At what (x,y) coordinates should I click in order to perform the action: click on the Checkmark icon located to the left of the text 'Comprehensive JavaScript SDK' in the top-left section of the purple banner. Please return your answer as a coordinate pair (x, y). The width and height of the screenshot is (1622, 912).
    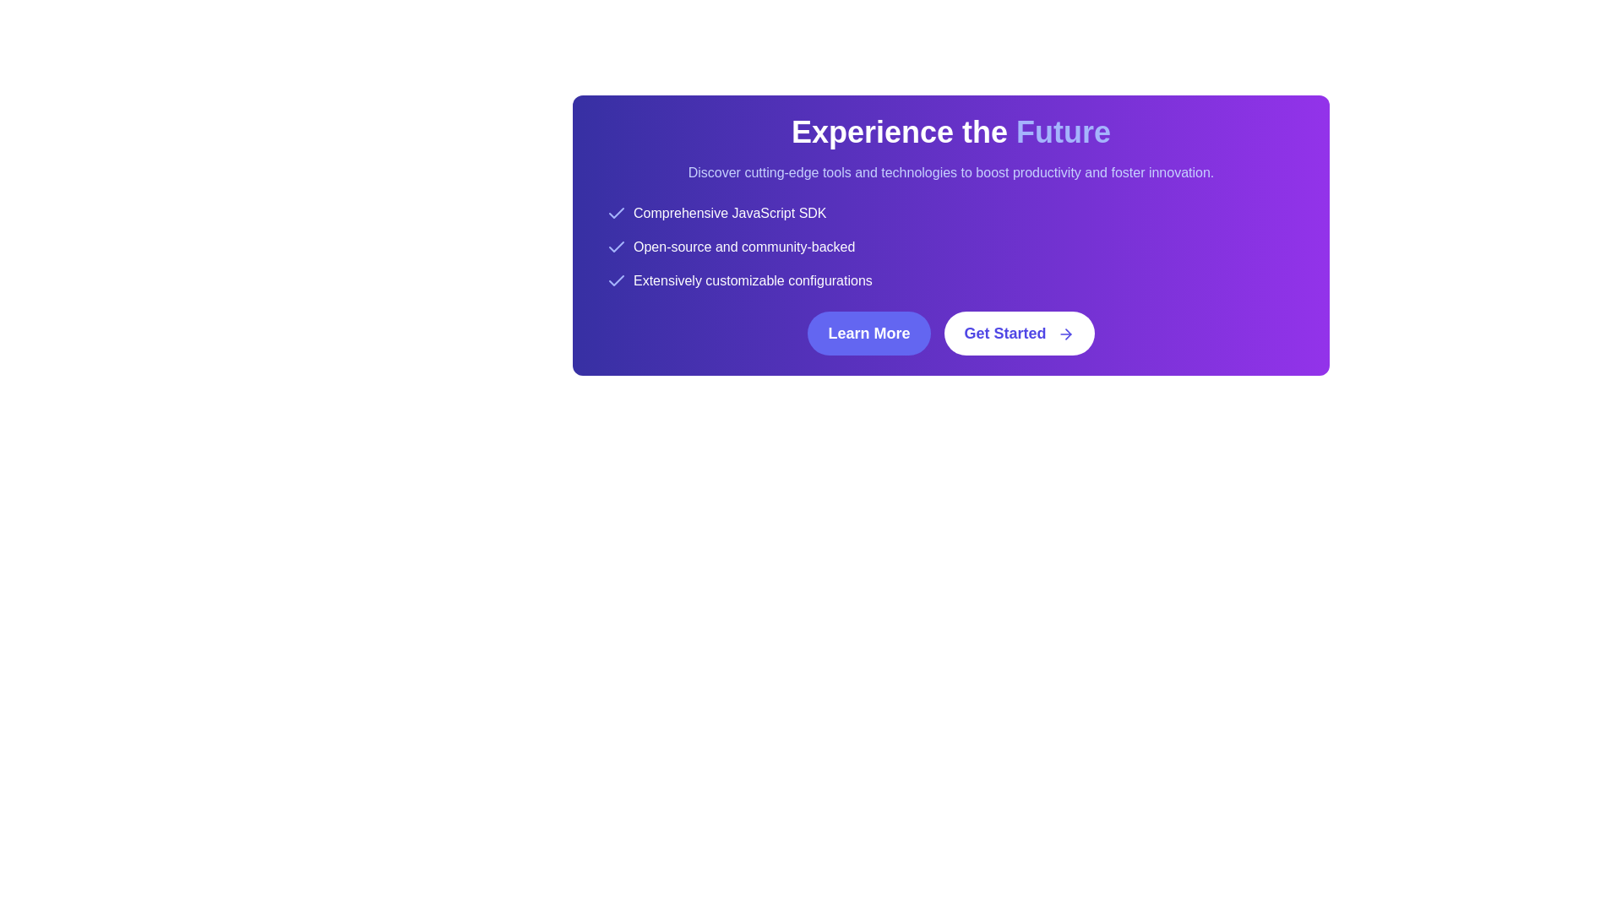
    Looking at the image, I should click on (615, 212).